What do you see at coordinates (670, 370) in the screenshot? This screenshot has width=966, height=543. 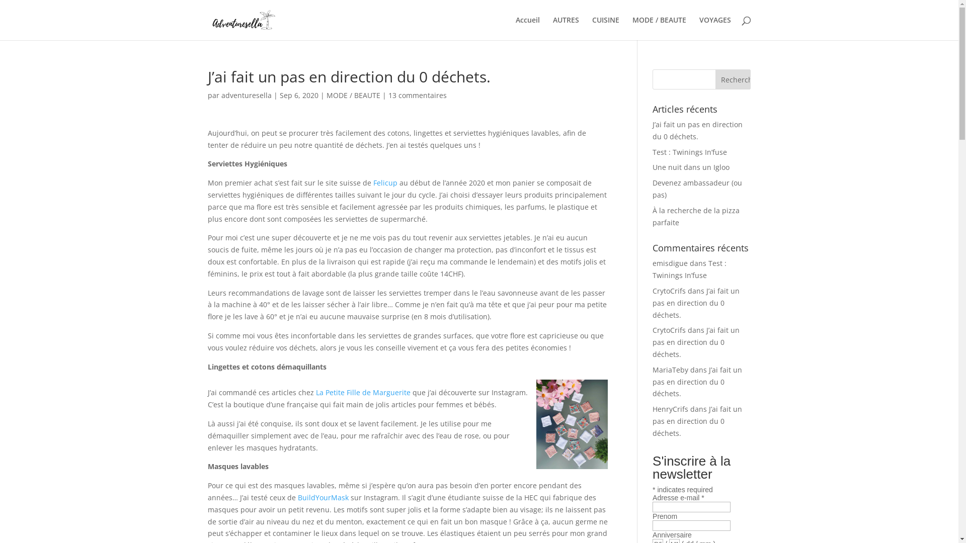 I see `'MariaTeby'` at bounding box center [670, 370].